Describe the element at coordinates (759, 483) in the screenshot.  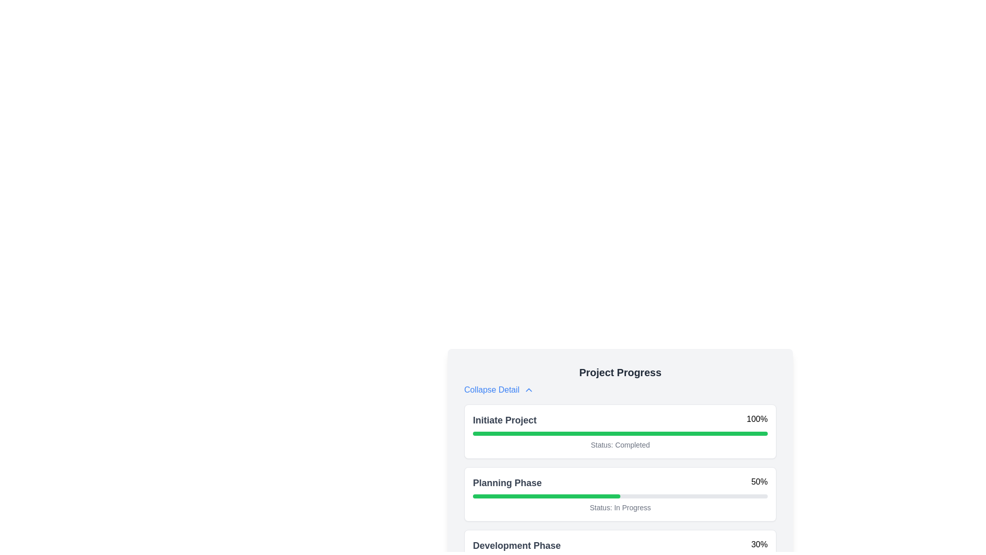
I see `the percentage text display '50%' which is styled with medium font size and is positioned to the right of the 'Planning Phase' text in the progress section` at that location.